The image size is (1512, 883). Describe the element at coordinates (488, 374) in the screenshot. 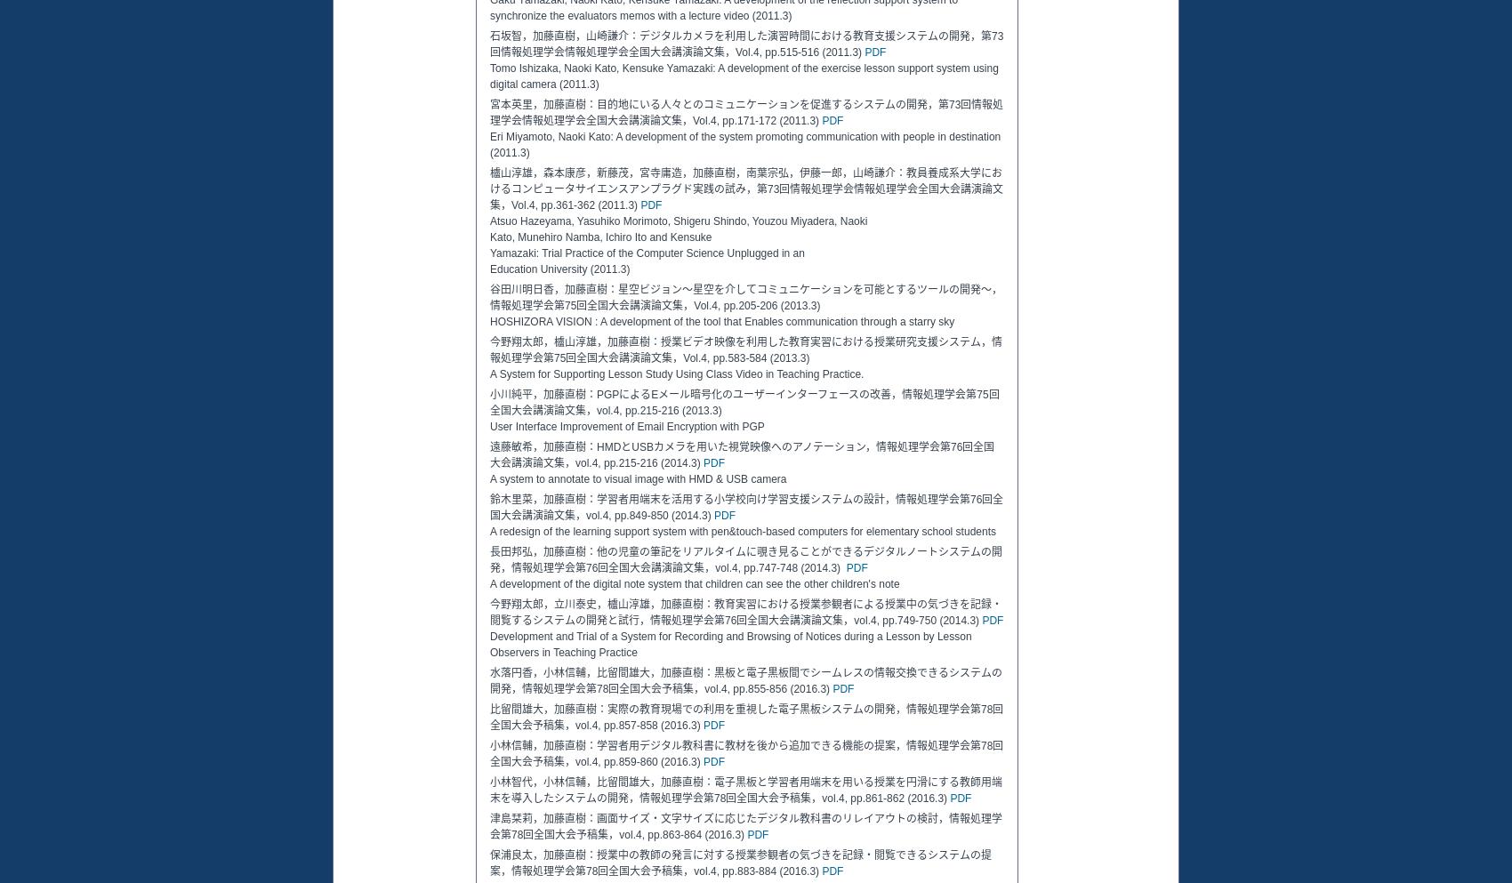

I see `'A System for Supporting Lesson Study Using Class Video in Teaching Practice.'` at that location.